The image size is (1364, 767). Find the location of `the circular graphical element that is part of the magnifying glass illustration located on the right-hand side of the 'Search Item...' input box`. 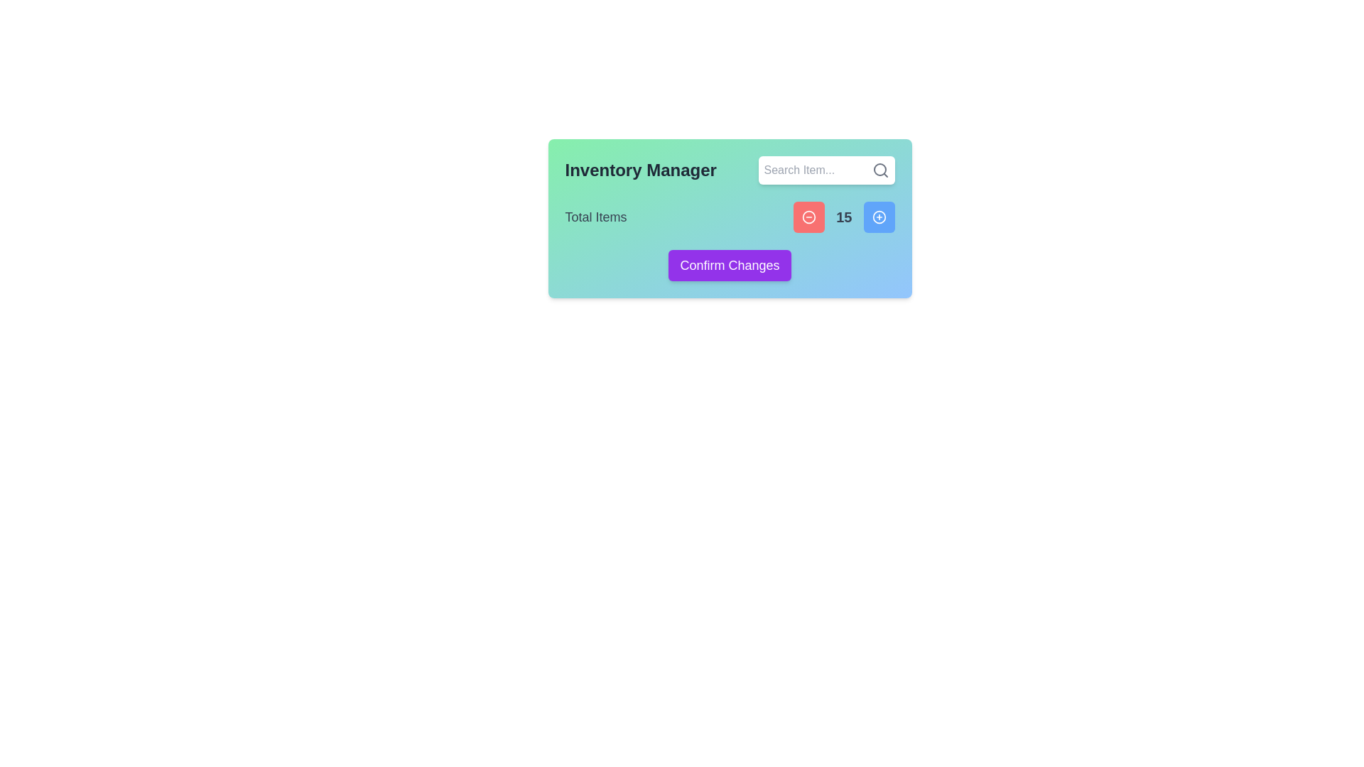

the circular graphical element that is part of the magnifying glass illustration located on the right-hand side of the 'Search Item...' input box is located at coordinates (879, 169).